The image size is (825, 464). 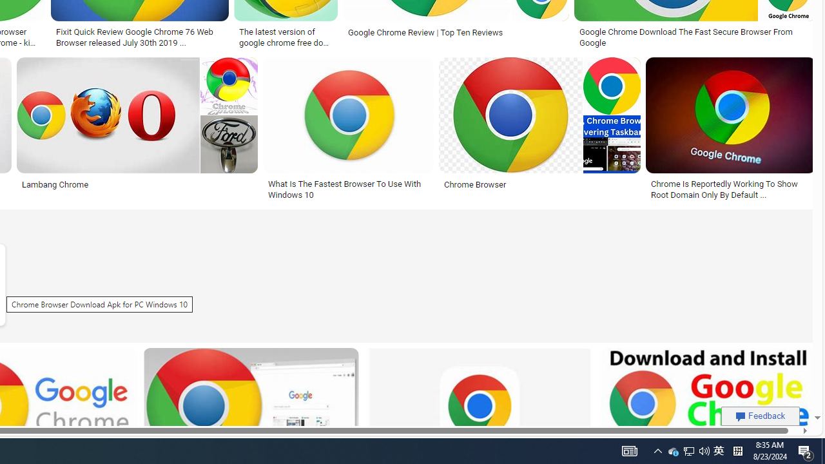 I want to click on 'The latest version of google chrome free download - gaimacro', so click(x=285, y=35).